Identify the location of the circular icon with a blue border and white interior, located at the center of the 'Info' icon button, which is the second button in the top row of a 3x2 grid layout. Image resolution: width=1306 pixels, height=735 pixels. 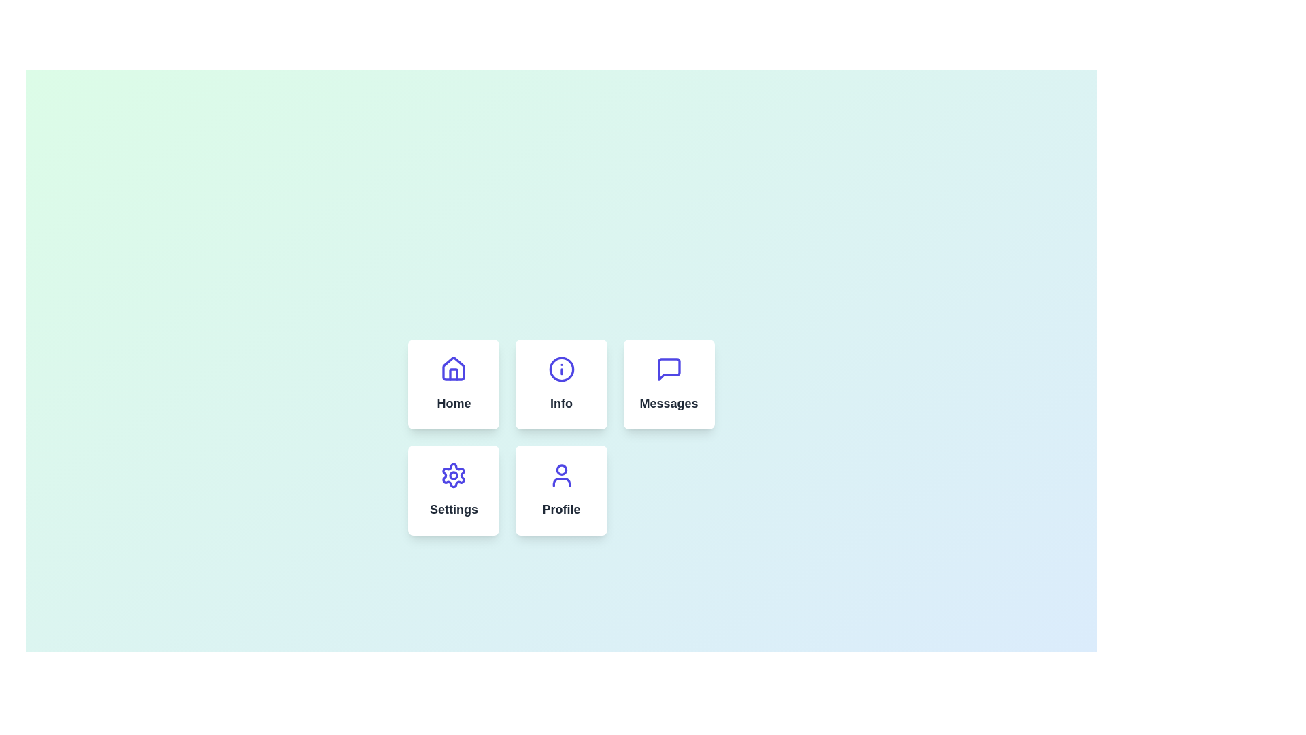
(561, 370).